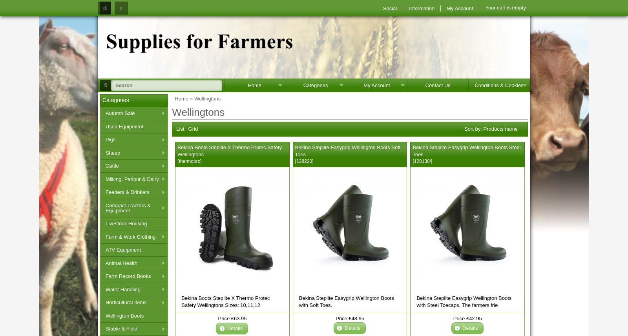  Describe the element at coordinates (181, 98) in the screenshot. I see `'Home'` at that location.